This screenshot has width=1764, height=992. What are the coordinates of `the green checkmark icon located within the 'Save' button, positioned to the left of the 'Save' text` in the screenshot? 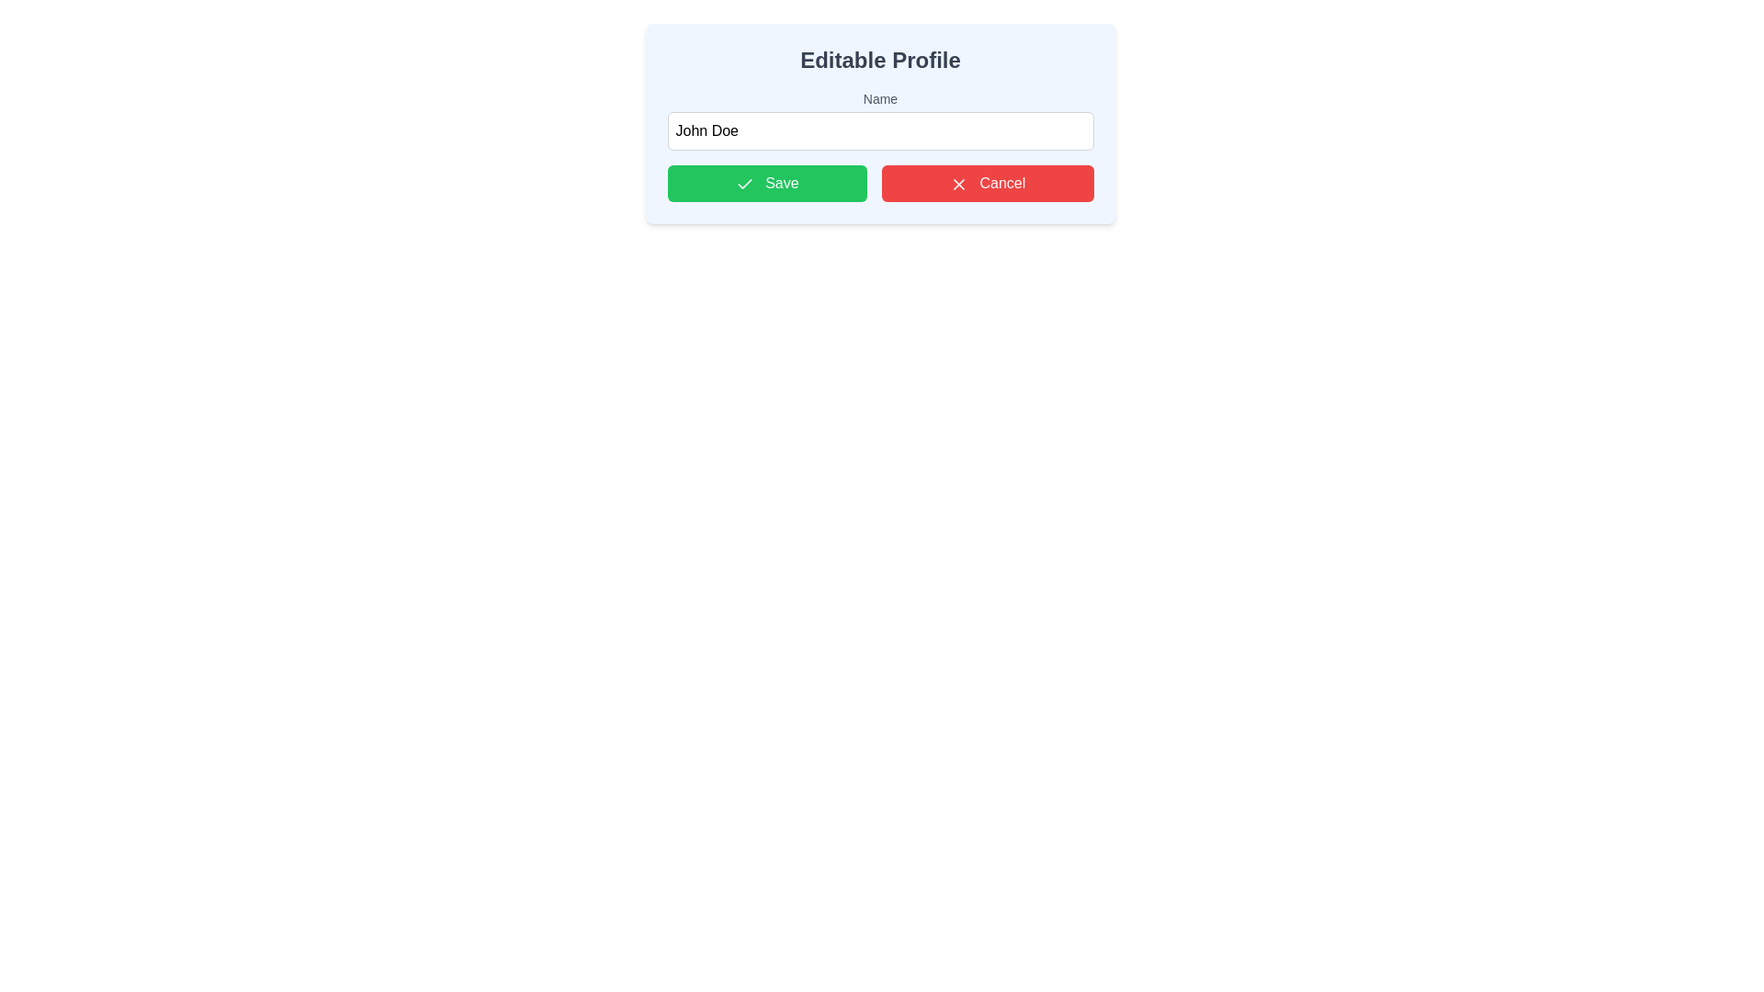 It's located at (744, 184).